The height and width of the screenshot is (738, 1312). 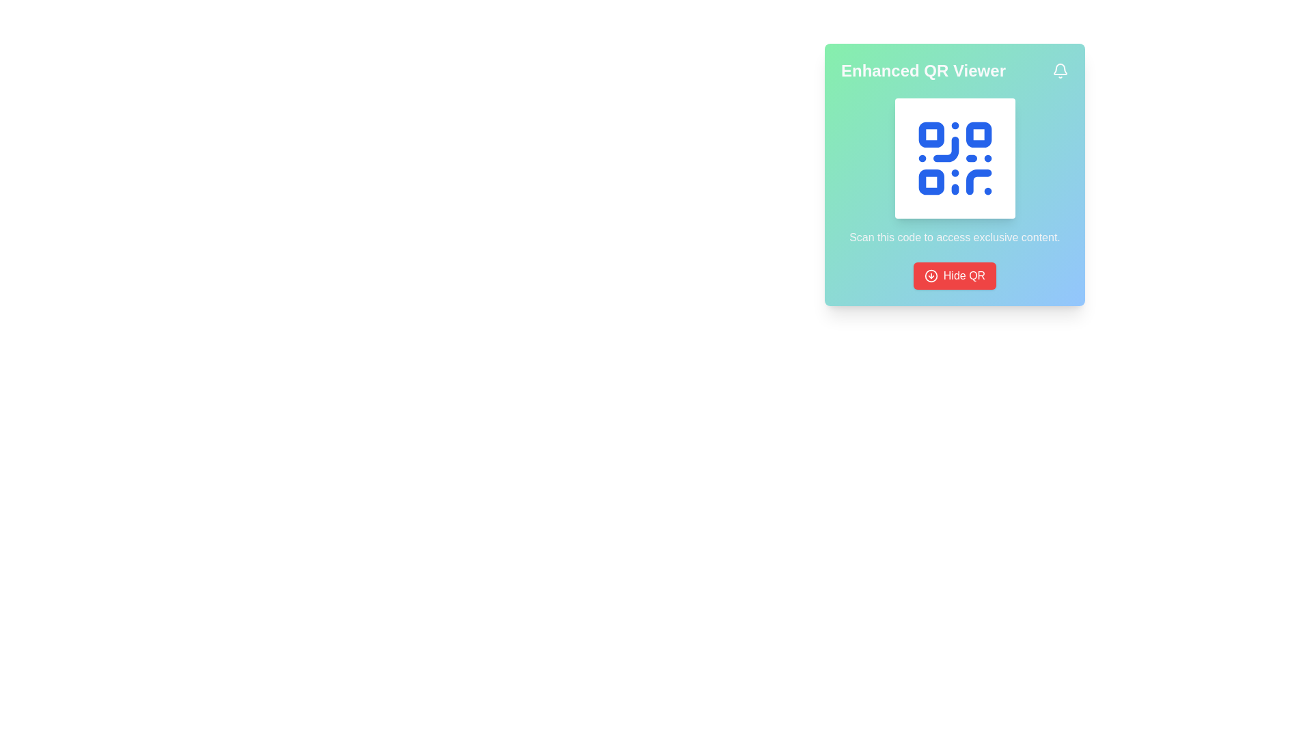 I want to click on the text element that reads 'Scan this code, so click(x=954, y=236).